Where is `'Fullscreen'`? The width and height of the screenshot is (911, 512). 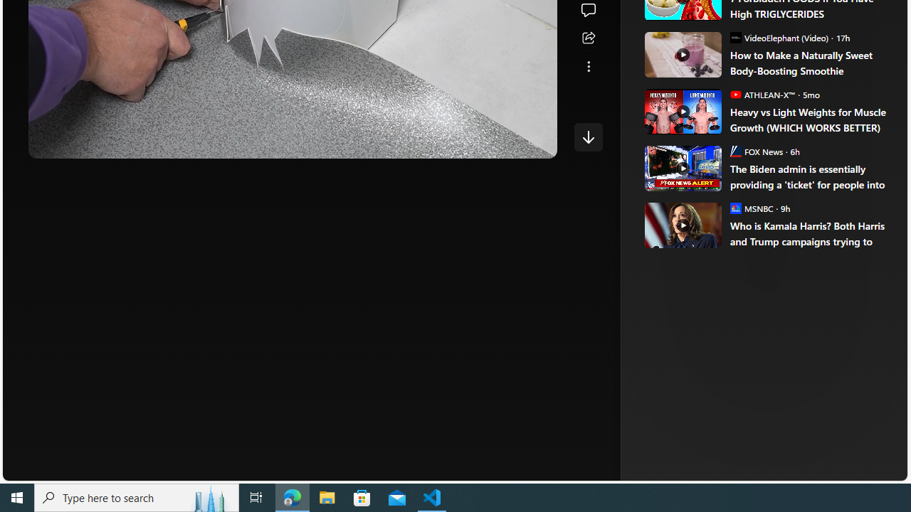 'Fullscreen' is located at coordinates (508, 142).